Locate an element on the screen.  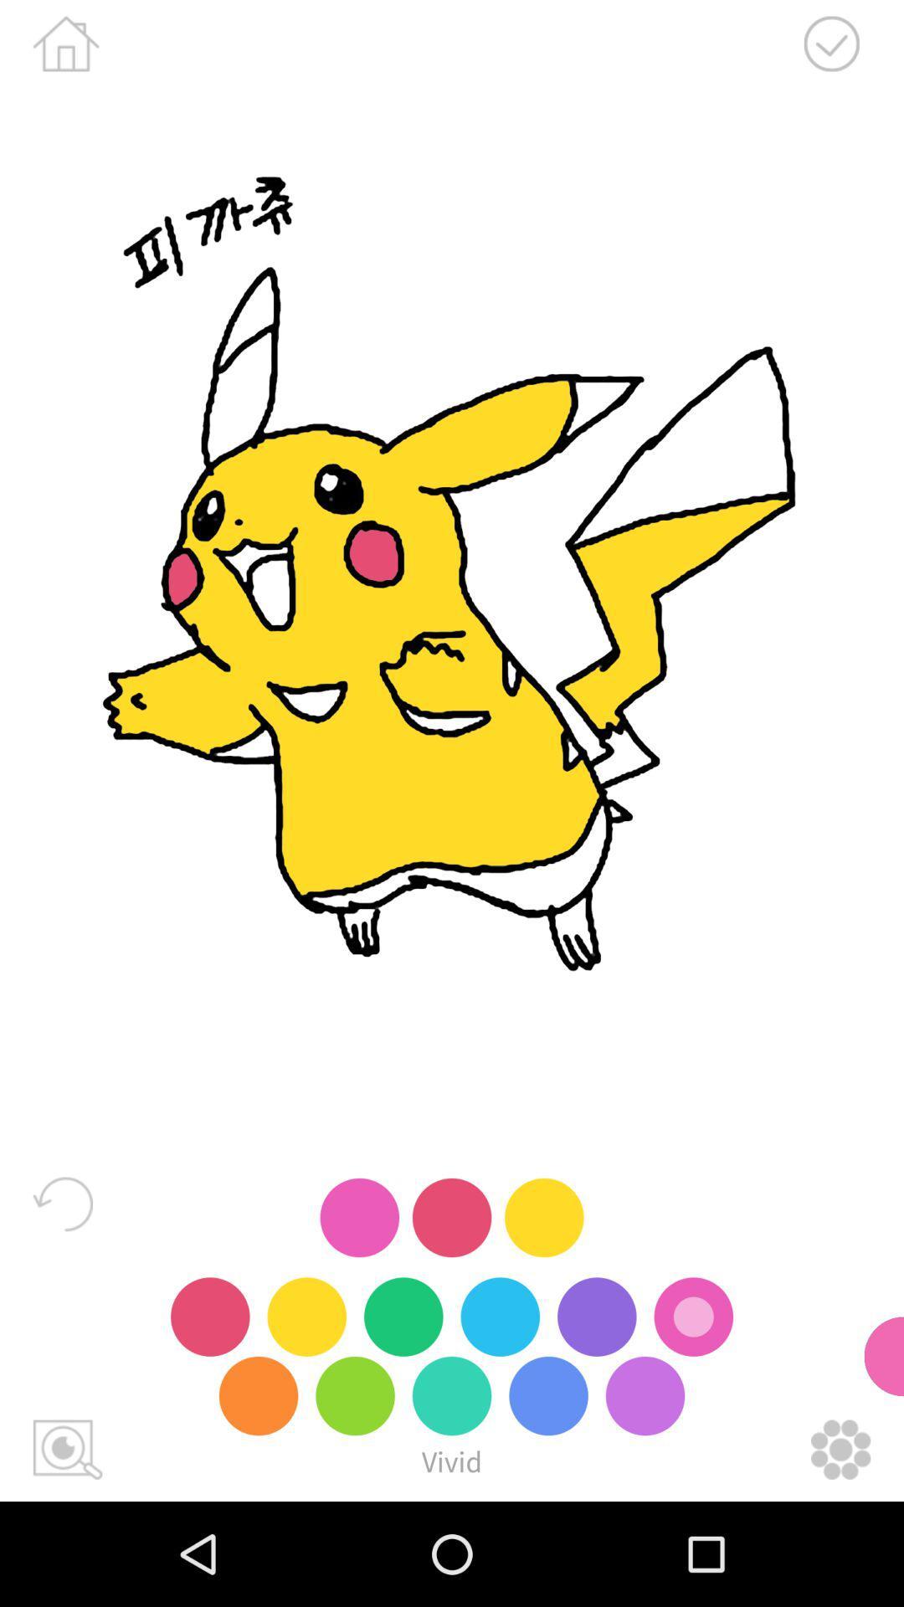
edit this drawing is located at coordinates (840, 1449).